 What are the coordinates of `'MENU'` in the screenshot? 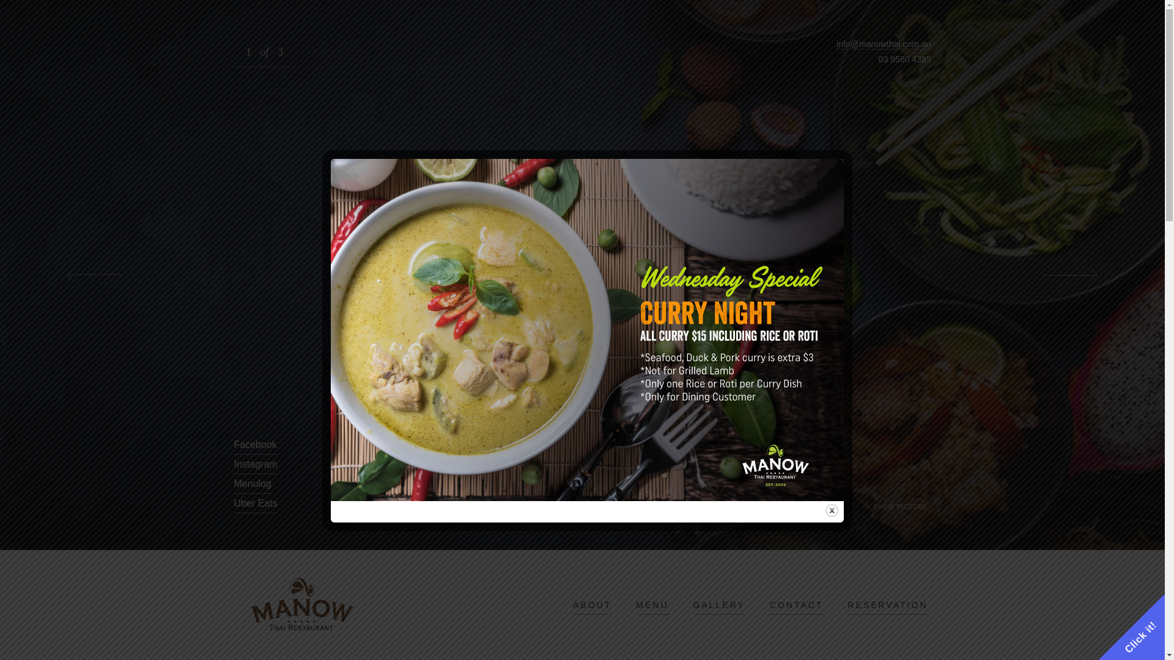 It's located at (636, 605).